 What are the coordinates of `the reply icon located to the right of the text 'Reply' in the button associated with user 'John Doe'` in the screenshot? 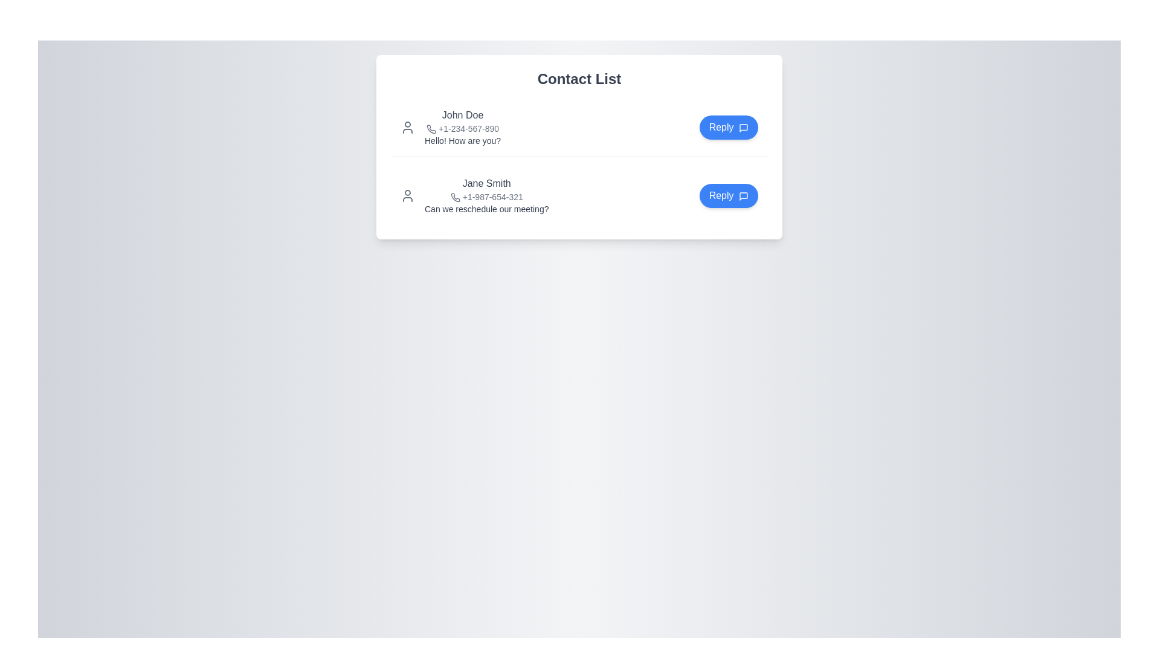 It's located at (743, 128).